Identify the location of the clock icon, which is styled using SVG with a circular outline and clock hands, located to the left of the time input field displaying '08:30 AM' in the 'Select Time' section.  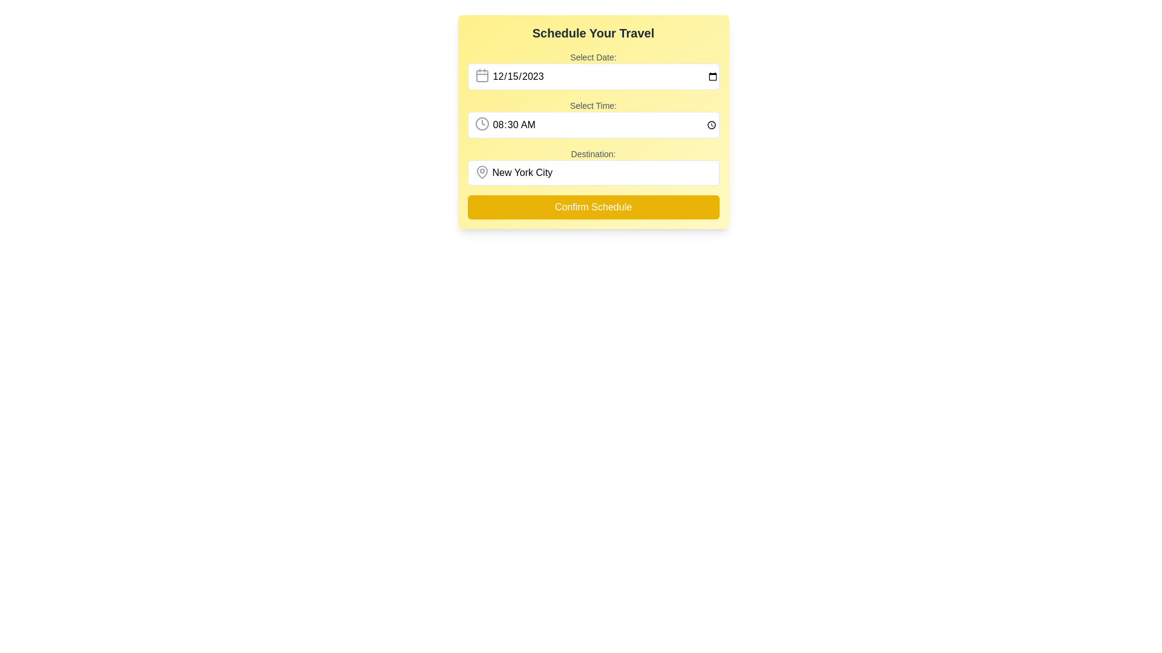
(481, 123).